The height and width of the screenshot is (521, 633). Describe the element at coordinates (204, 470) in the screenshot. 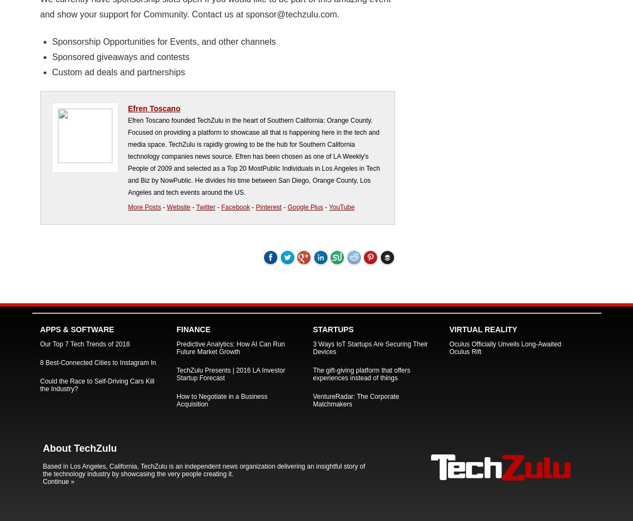

I see `'Based in Los Angeles, California, TechZulu is an independent news organization delivering an insightful story of the technology industry by showcasing the very people creating it.'` at that location.